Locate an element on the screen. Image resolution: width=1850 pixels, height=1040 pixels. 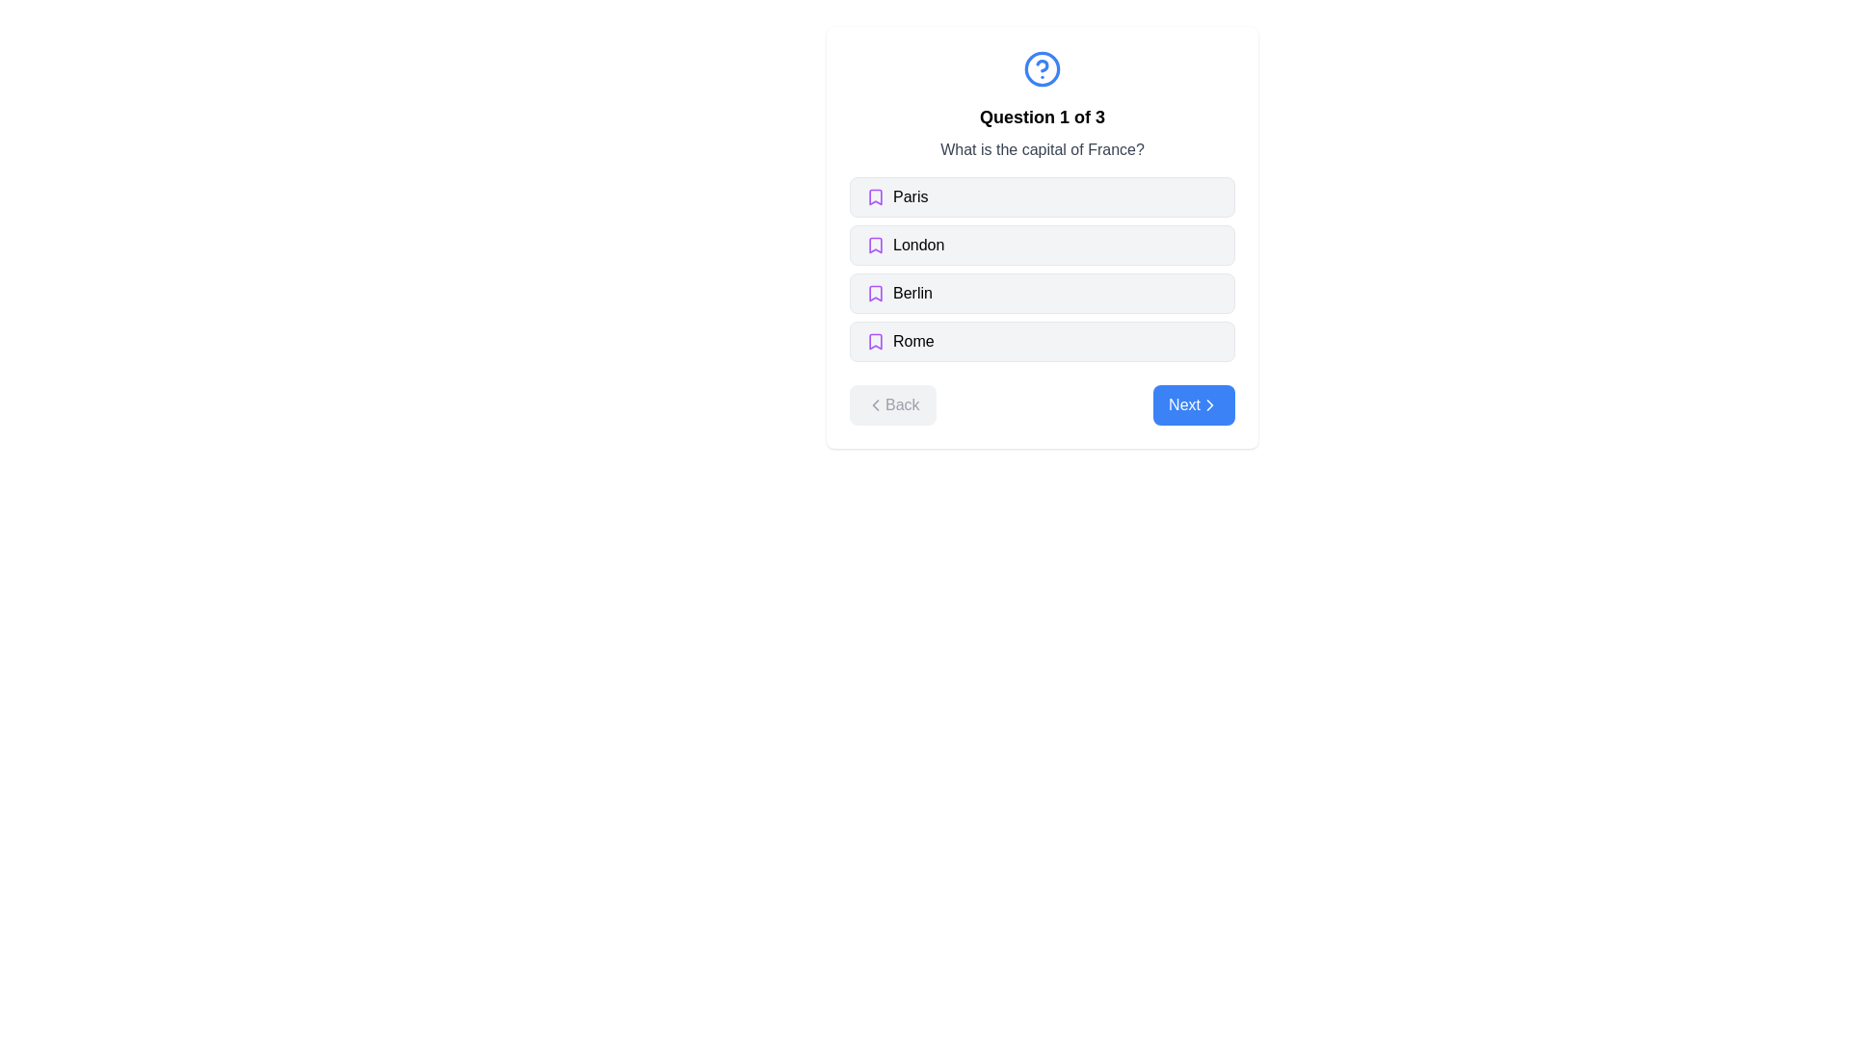
the left-pointing chevron icon located to the left of the 'Back' button text label is located at coordinates (874, 403).